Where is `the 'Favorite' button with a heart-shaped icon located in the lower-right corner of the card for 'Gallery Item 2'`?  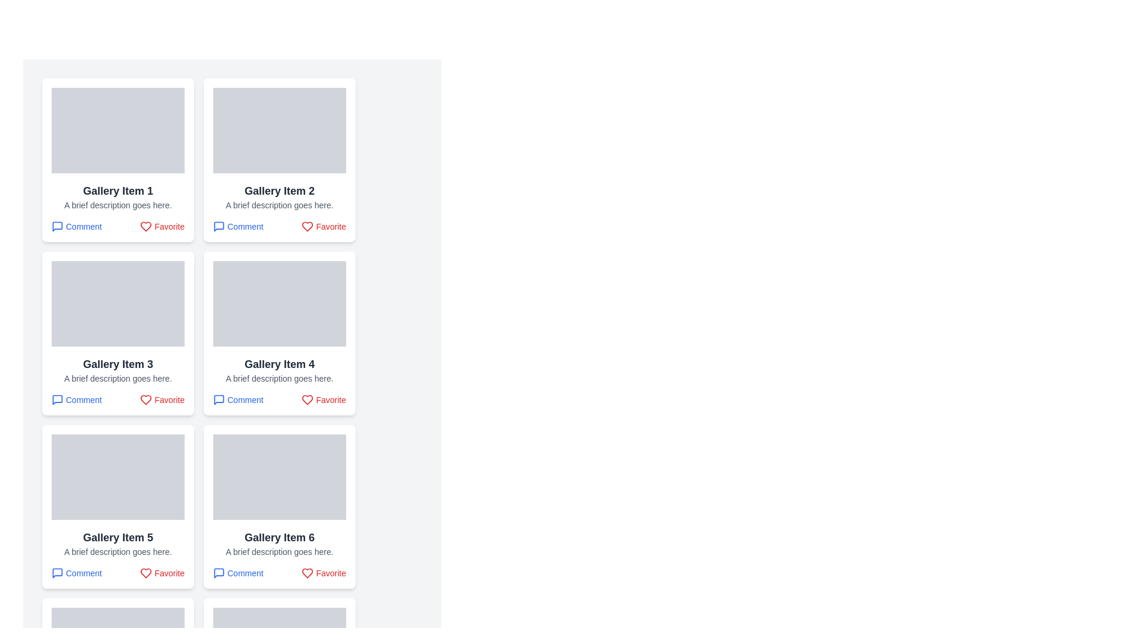
the 'Favorite' button with a heart-shaped icon located in the lower-right corner of the card for 'Gallery Item 2' is located at coordinates (324, 226).